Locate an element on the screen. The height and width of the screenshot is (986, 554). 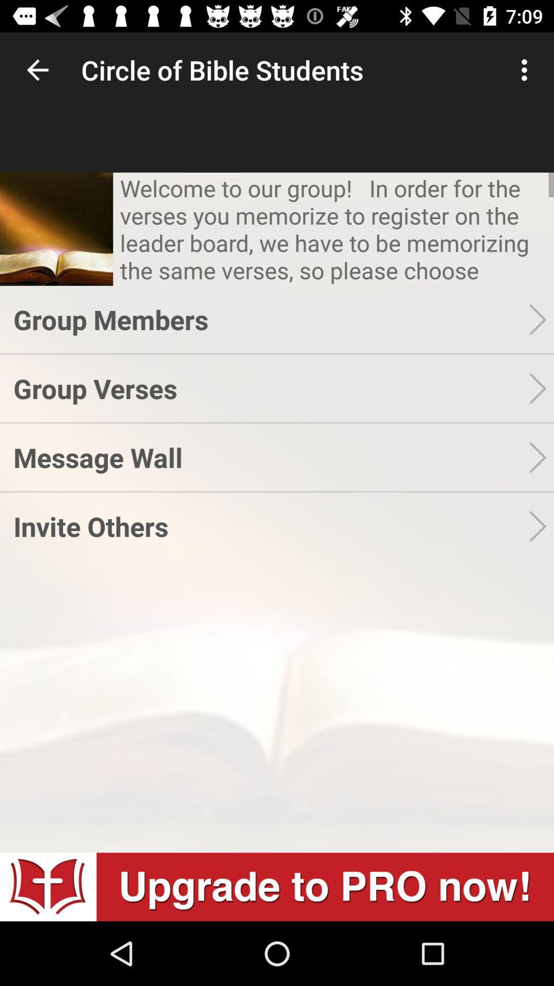
the app below the group verses is located at coordinates (270, 457).